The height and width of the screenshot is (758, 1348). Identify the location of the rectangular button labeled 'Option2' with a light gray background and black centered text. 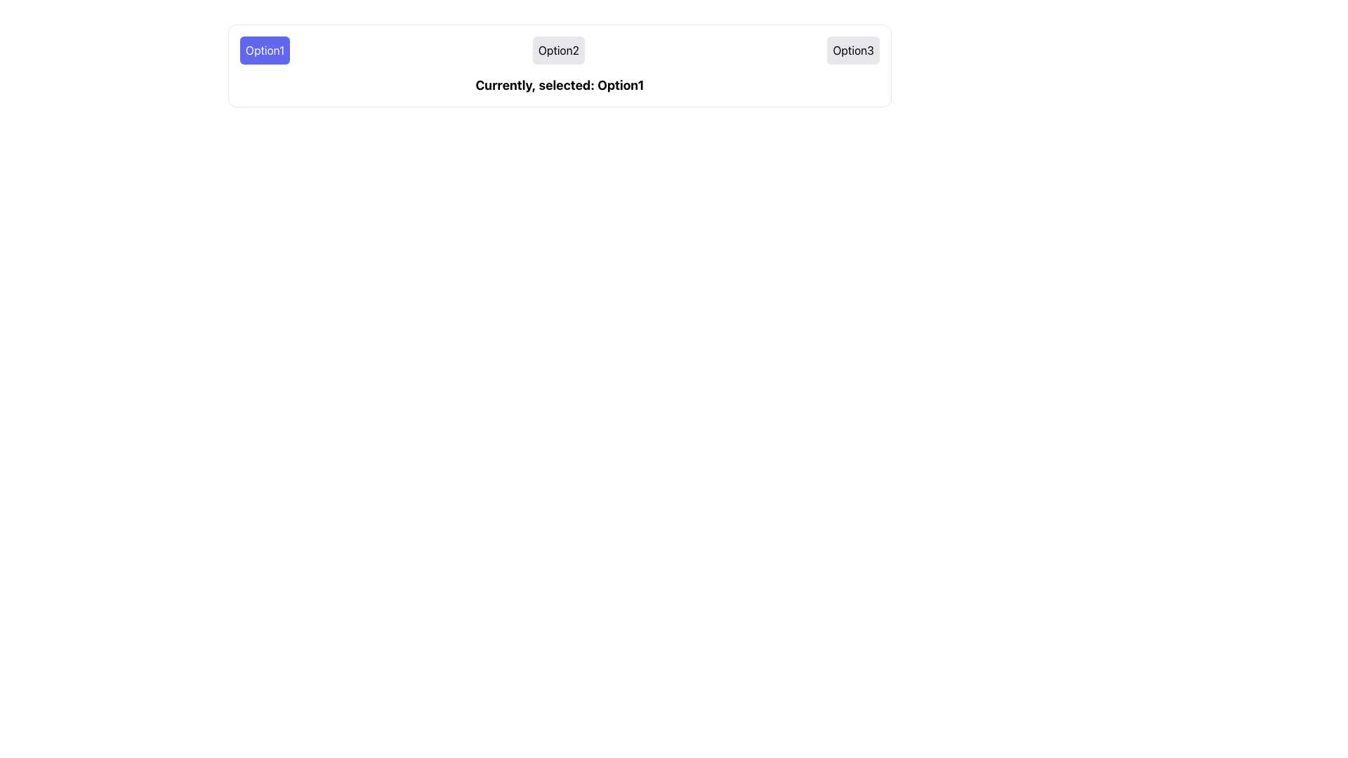
(557, 50).